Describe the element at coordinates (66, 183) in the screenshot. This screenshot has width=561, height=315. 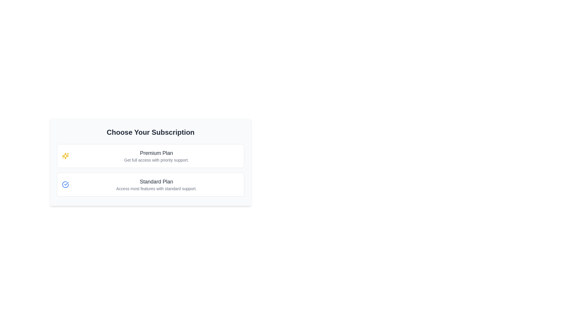
I see `the graphical representation of the blue checkmark icon located within a larger circular icon near the bottom left segment next to the 'Standard Plan' text` at that location.